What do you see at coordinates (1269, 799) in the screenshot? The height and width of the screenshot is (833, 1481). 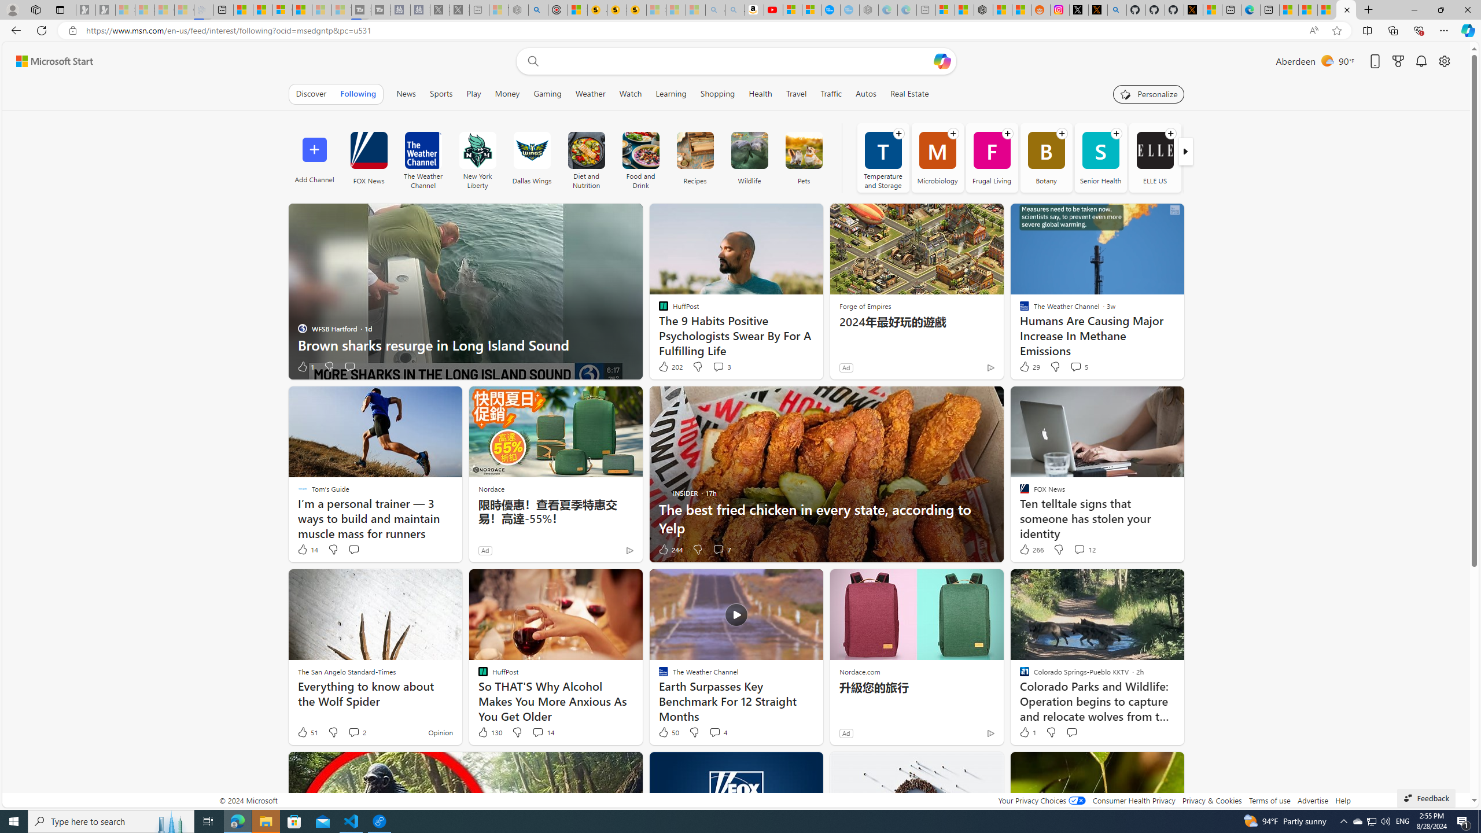 I see `'Terms of use'` at bounding box center [1269, 799].